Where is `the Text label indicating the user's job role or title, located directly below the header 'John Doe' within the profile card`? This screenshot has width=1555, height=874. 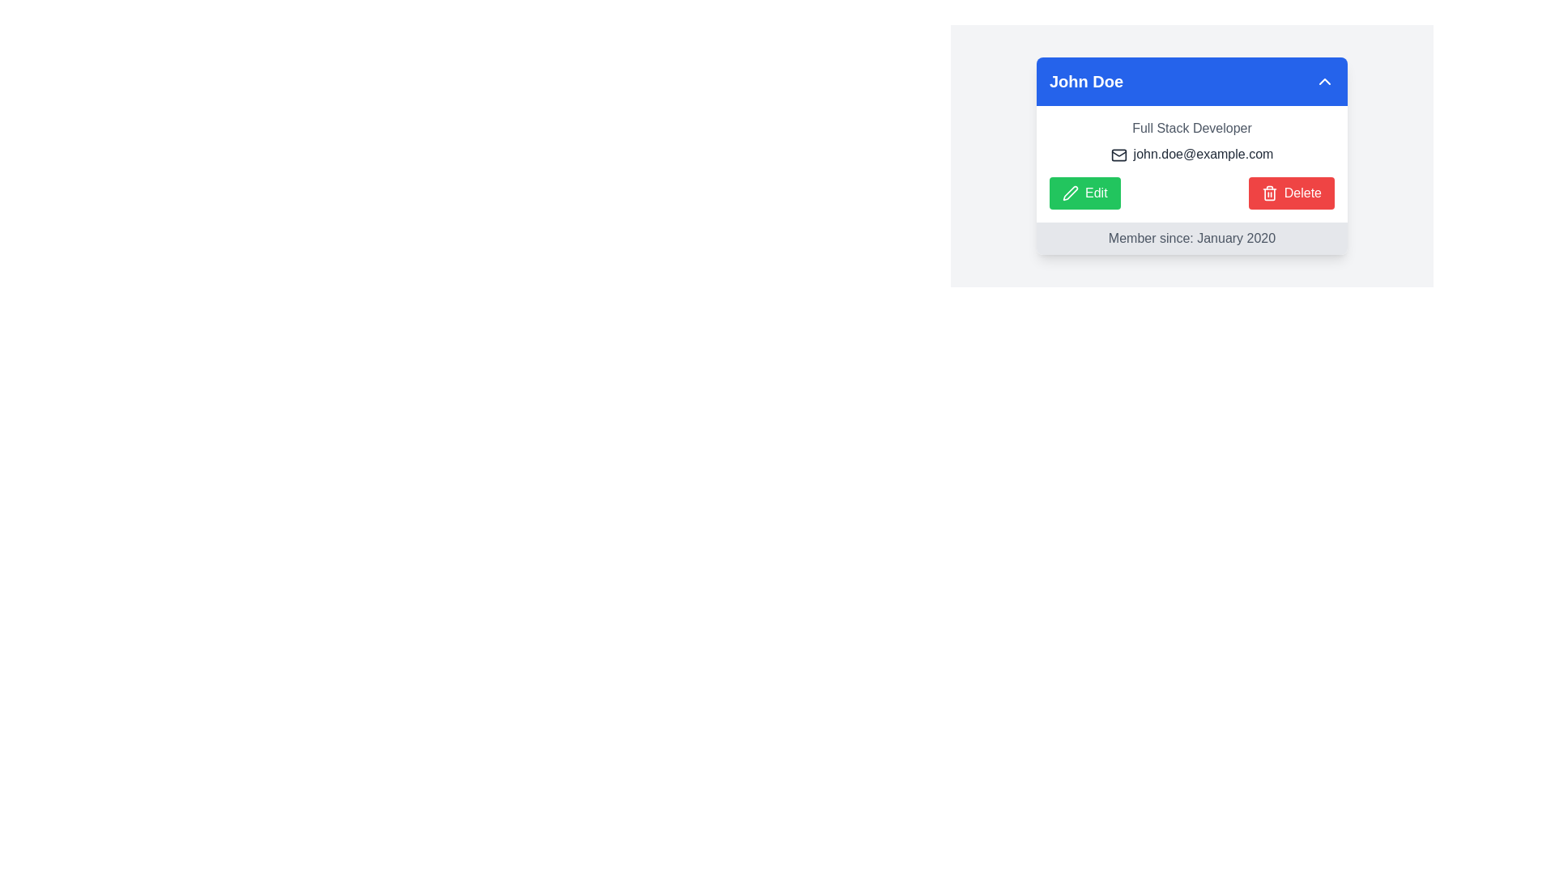
the Text label indicating the user's job role or title, located directly below the header 'John Doe' within the profile card is located at coordinates (1192, 127).